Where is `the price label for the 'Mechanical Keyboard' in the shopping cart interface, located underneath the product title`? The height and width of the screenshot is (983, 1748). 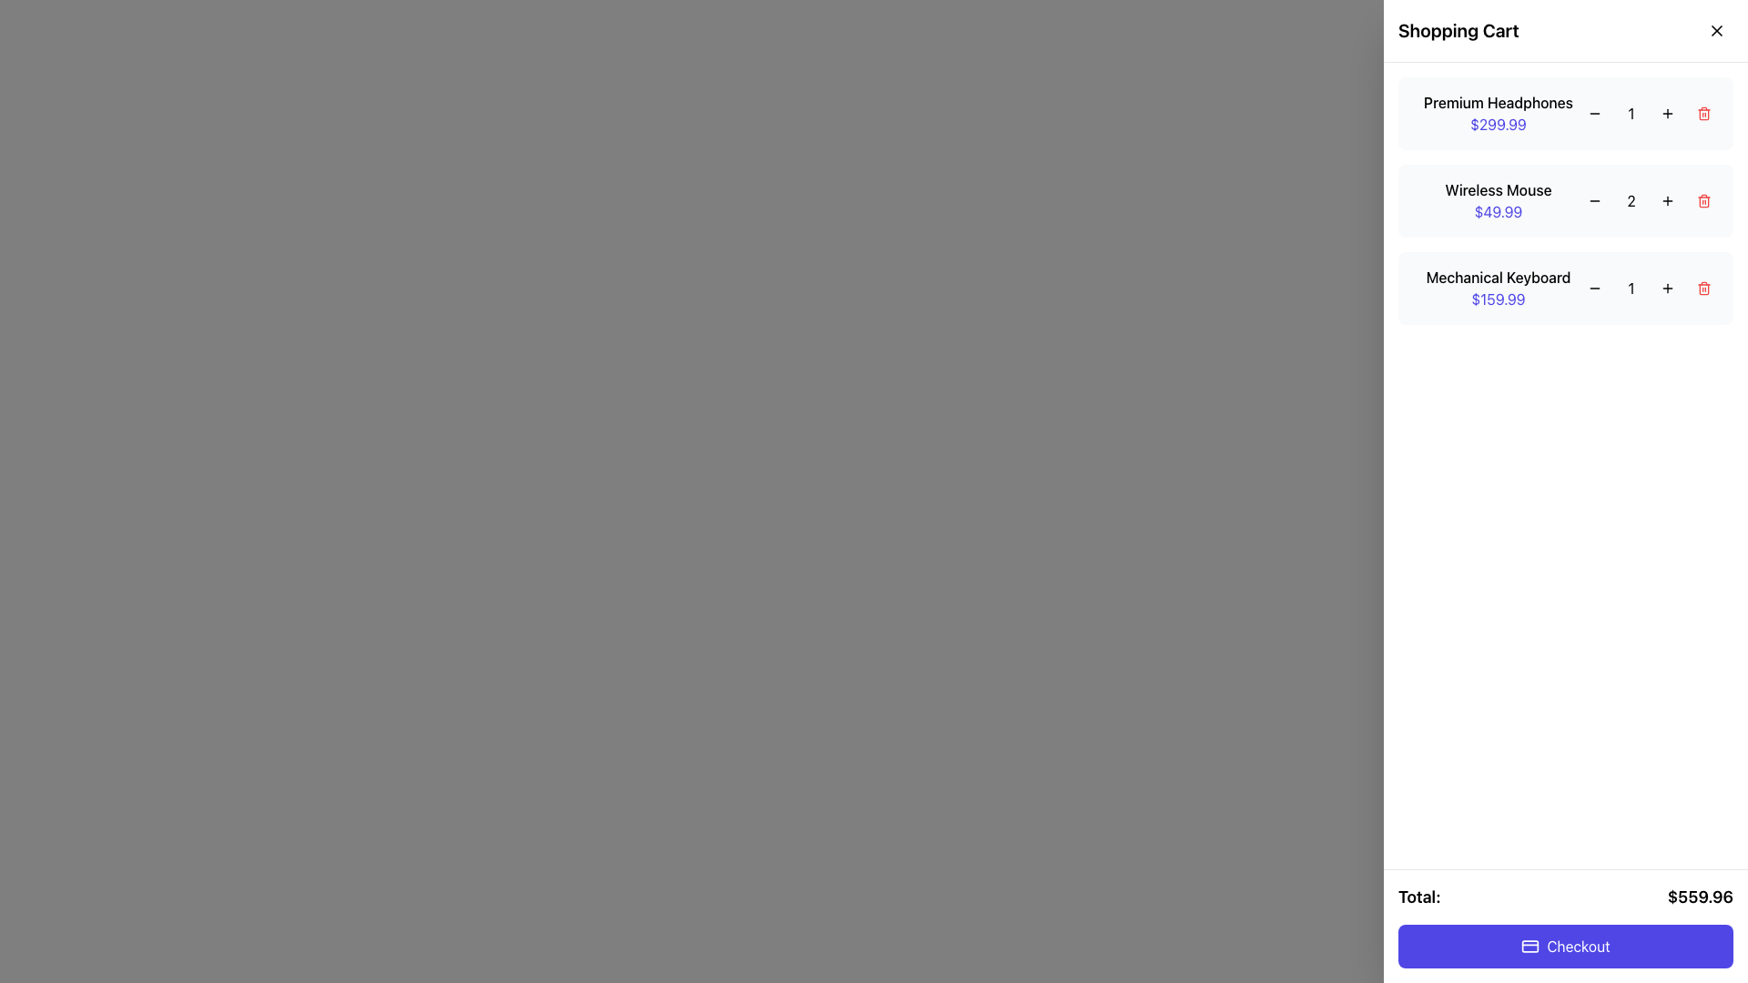 the price label for the 'Mechanical Keyboard' in the shopping cart interface, located underneath the product title is located at coordinates (1499, 298).